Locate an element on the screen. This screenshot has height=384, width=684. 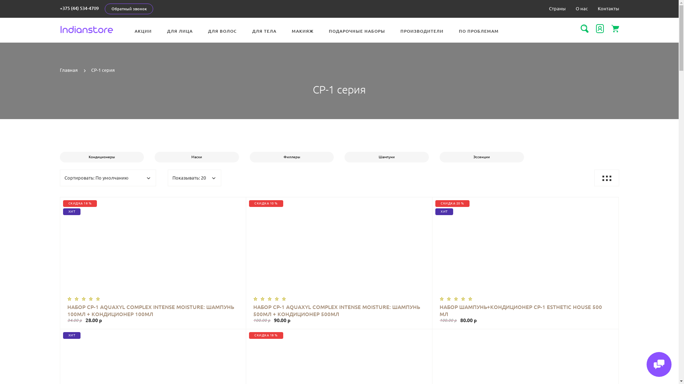
'+375 (44) 534-4709' is located at coordinates (79, 8).